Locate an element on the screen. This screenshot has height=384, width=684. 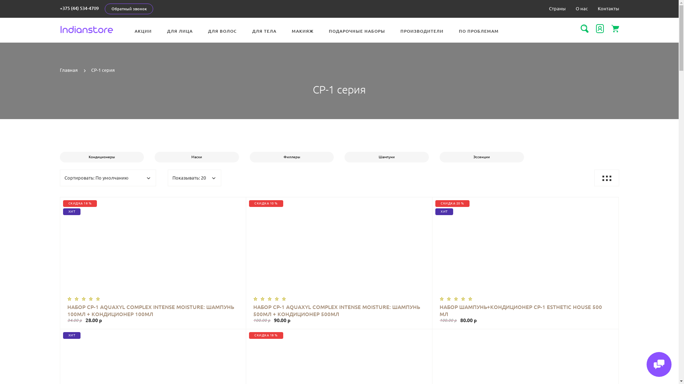
'+375 (44) 534-4709' is located at coordinates (79, 8).